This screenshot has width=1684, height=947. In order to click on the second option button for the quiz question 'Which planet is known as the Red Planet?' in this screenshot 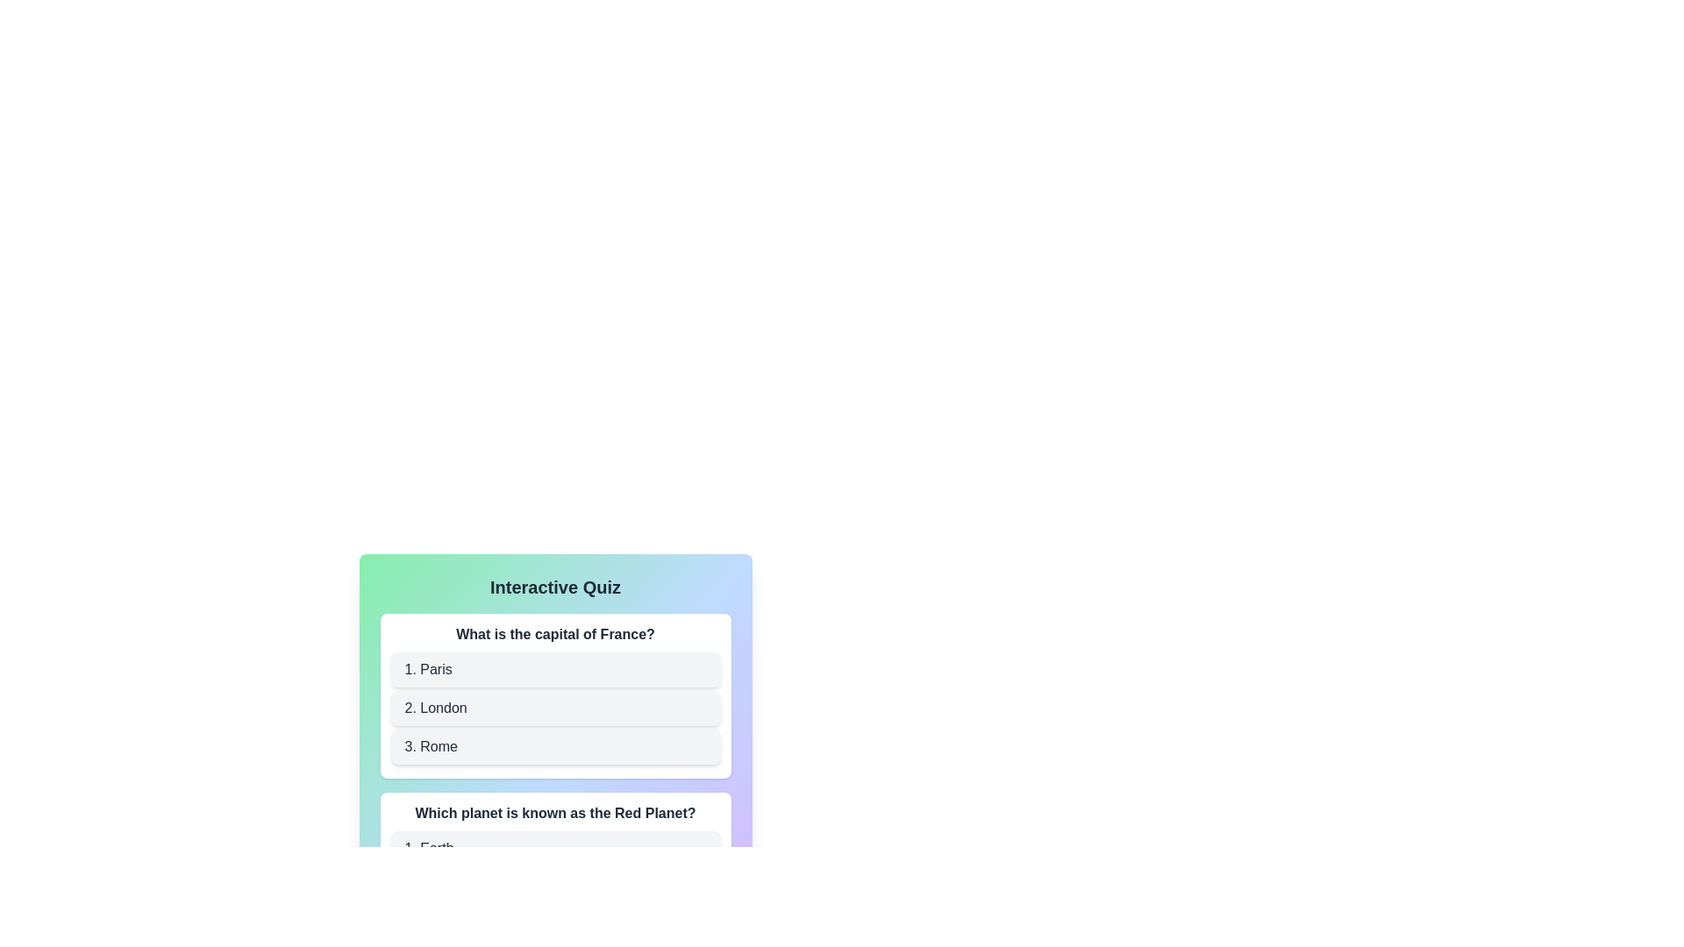, I will do `click(554, 886)`.